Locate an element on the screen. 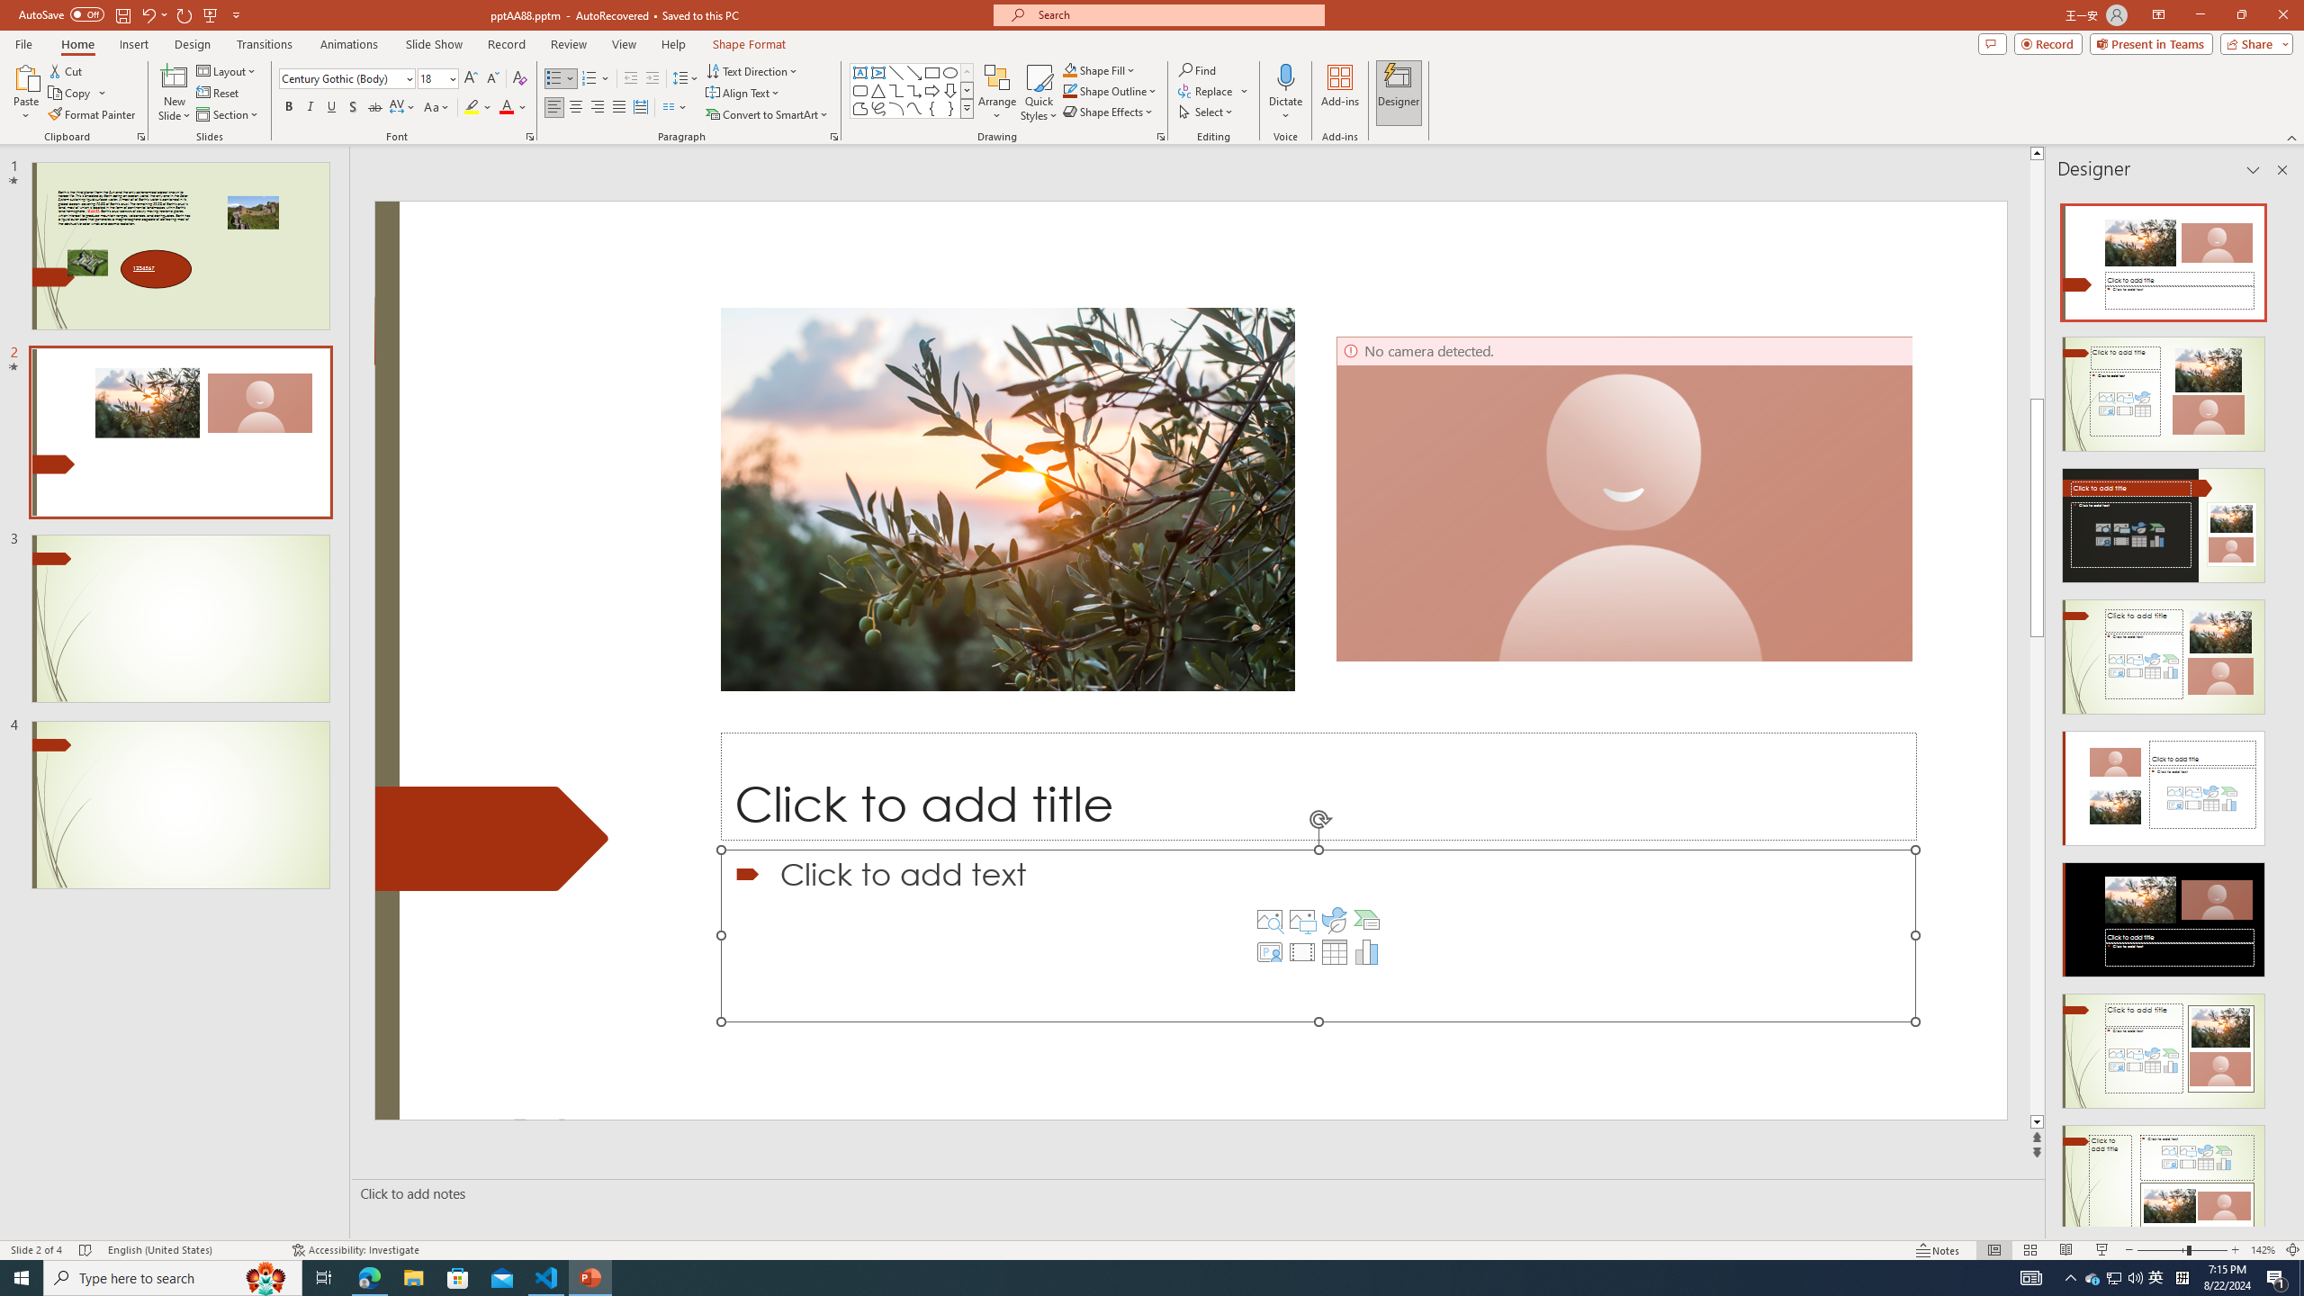 The width and height of the screenshot is (2304, 1296). 'Copy' is located at coordinates (70, 93).